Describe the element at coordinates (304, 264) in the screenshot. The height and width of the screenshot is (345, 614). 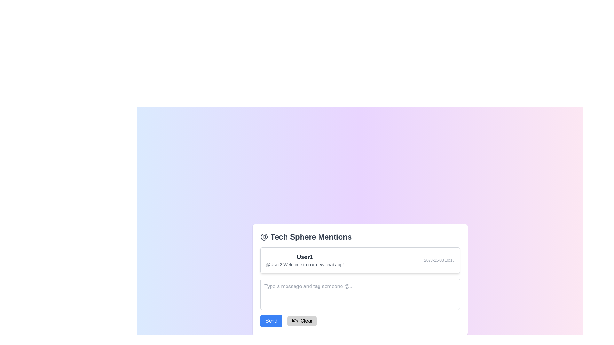
I see `the text label displaying '@User2 Welcome to our new chat app!' that is located directly below the bold username 'User1'` at that location.